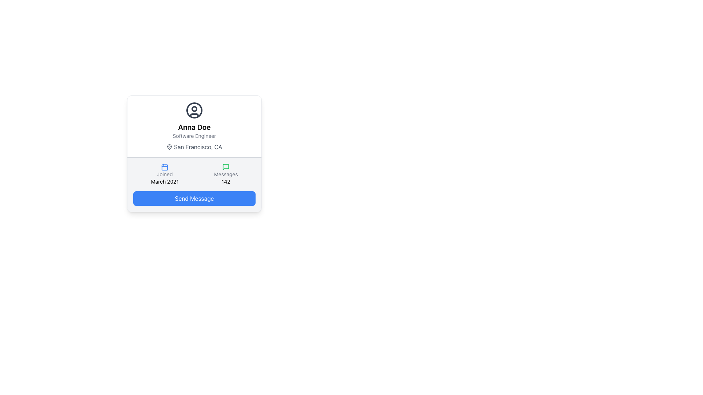 Image resolution: width=703 pixels, height=395 pixels. What do you see at coordinates (226, 174) in the screenshot?
I see `message count displayed as '142' in the Messages component located in the bottom right corner of the user profile card` at bounding box center [226, 174].